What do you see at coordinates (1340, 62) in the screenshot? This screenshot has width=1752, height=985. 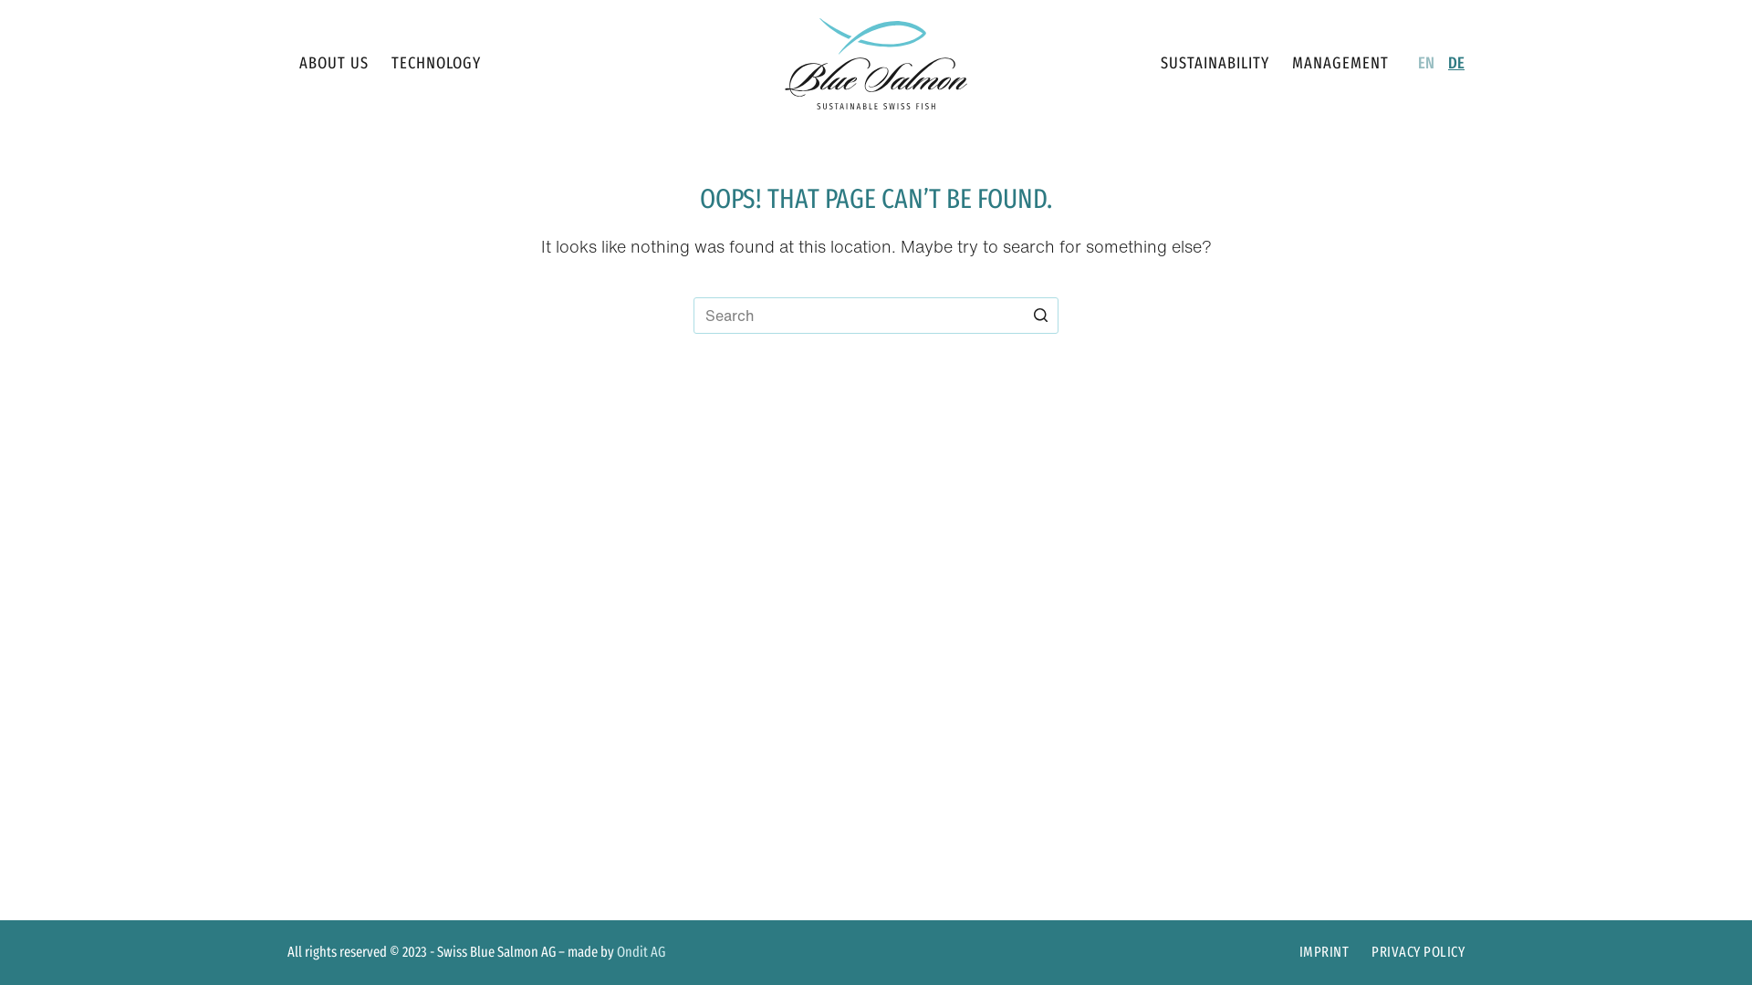 I see `'MANAGEMENT'` at bounding box center [1340, 62].